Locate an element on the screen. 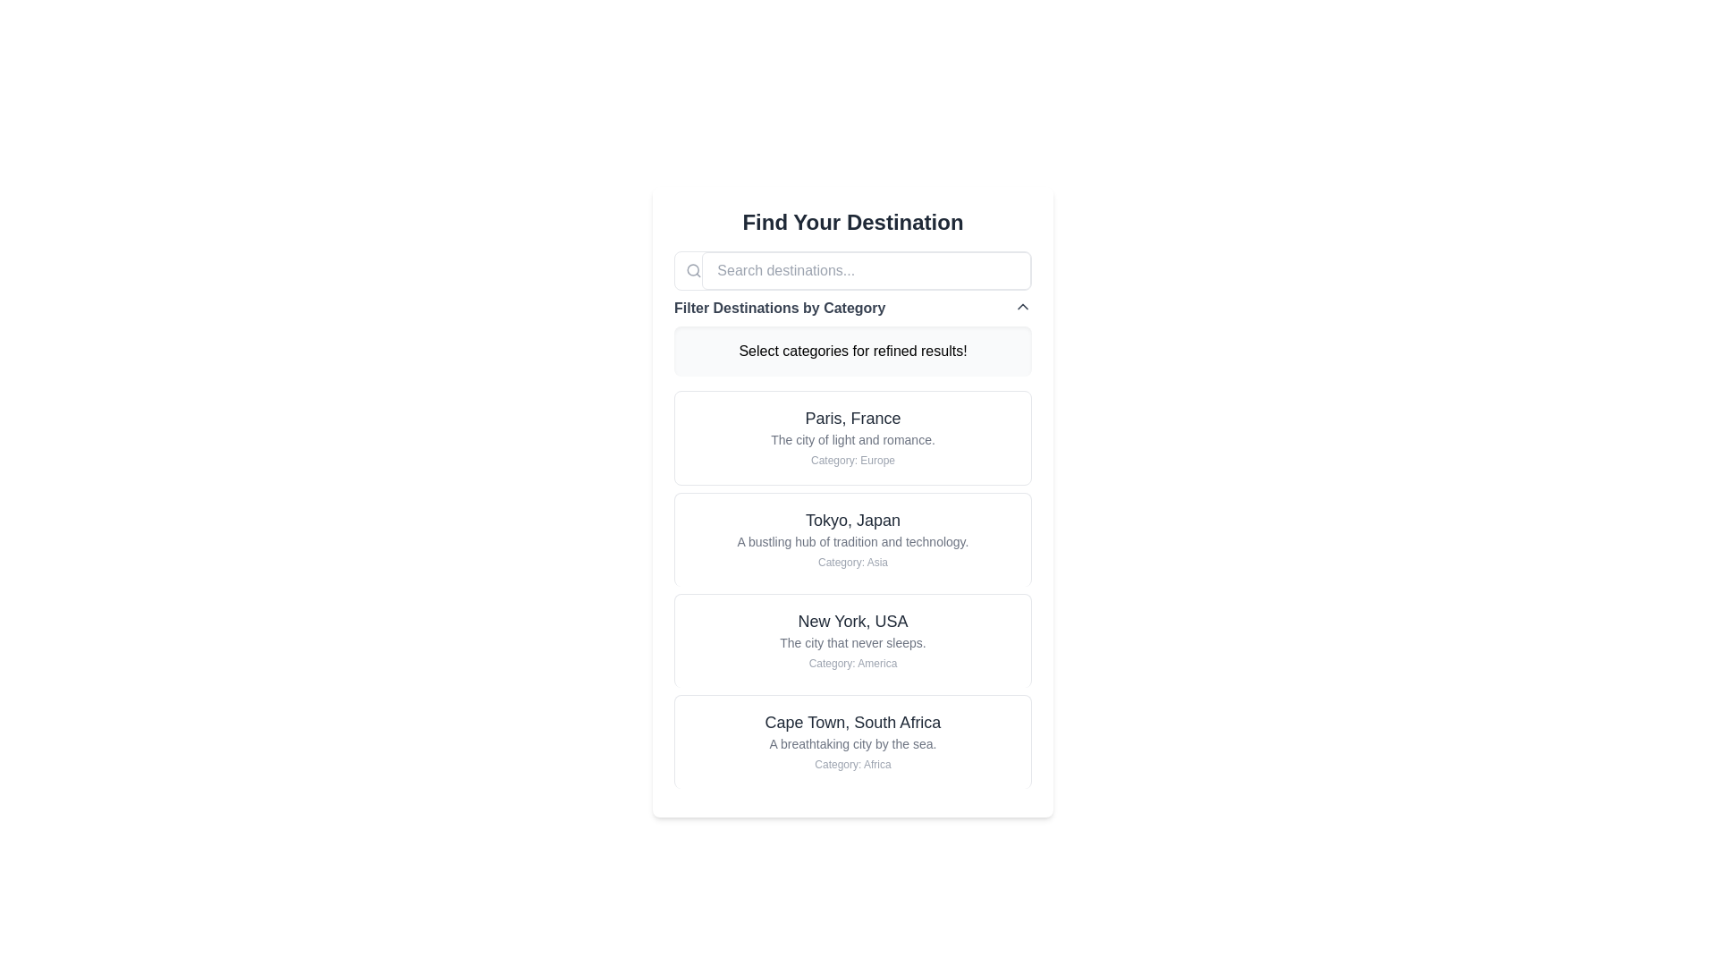 Image resolution: width=1717 pixels, height=966 pixels. the text element that reads 'The city of light and romance.' styled in a small gray font, which is located below the title 'Paris, France' is located at coordinates (852, 440).